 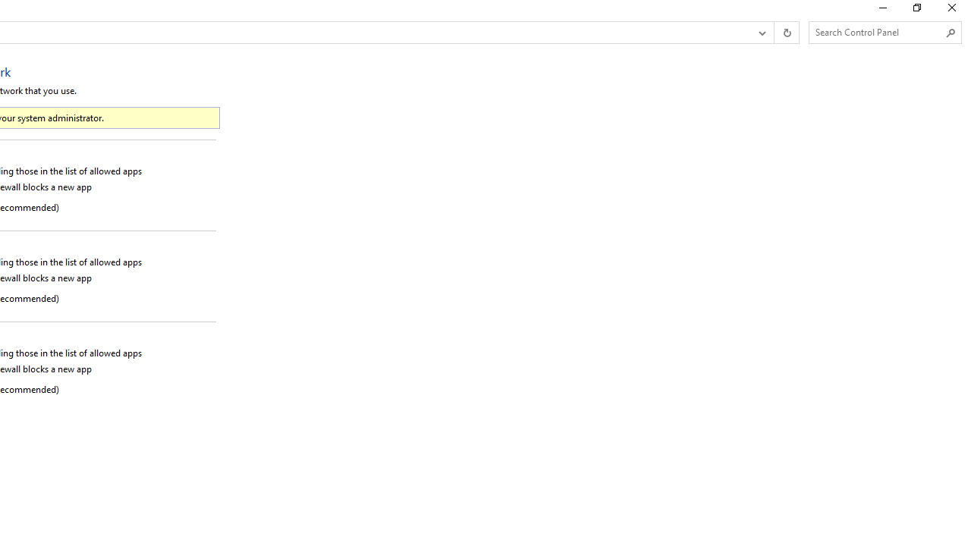 What do you see at coordinates (916, 11) in the screenshot?
I see `'Restore'` at bounding box center [916, 11].